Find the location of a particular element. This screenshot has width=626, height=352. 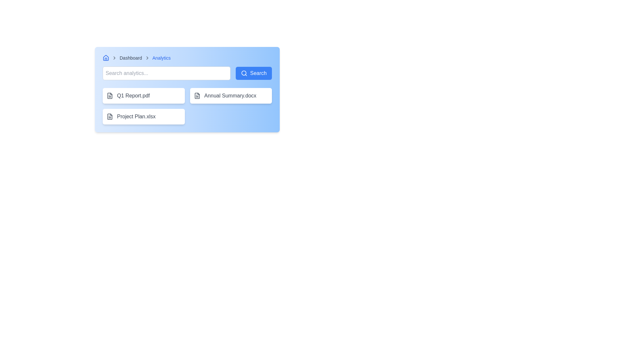

the chevron icon that acts as a separator between the home icon and the 'Dashboard' text in the breadcrumb navigation bar is located at coordinates (114, 57).